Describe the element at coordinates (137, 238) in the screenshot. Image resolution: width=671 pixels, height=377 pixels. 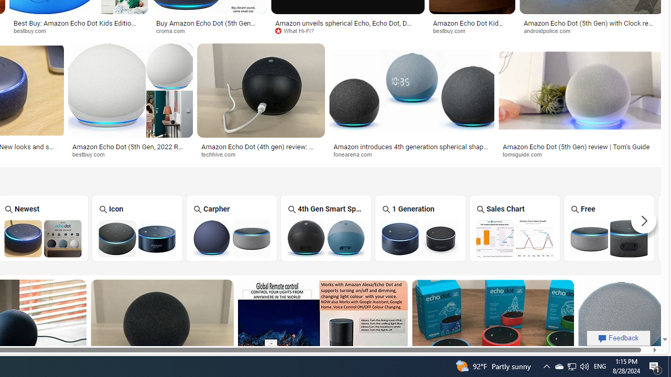
I see `'Amazon Echo Dot Icon'` at that location.